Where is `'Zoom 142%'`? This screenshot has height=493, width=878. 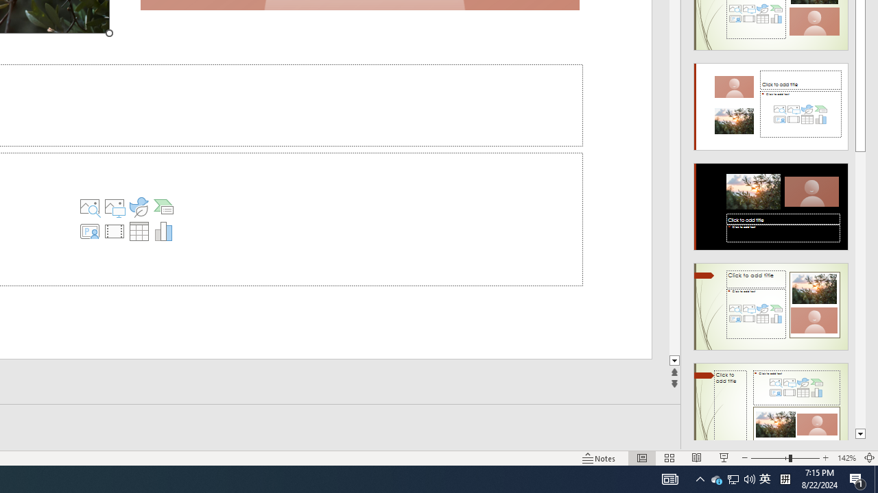 'Zoom 142%' is located at coordinates (846, 458).